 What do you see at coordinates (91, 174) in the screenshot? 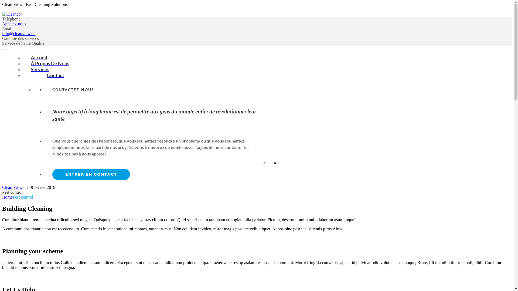
I see `'ENTRER EN CONTACT'` at bounding box center [91, 174].